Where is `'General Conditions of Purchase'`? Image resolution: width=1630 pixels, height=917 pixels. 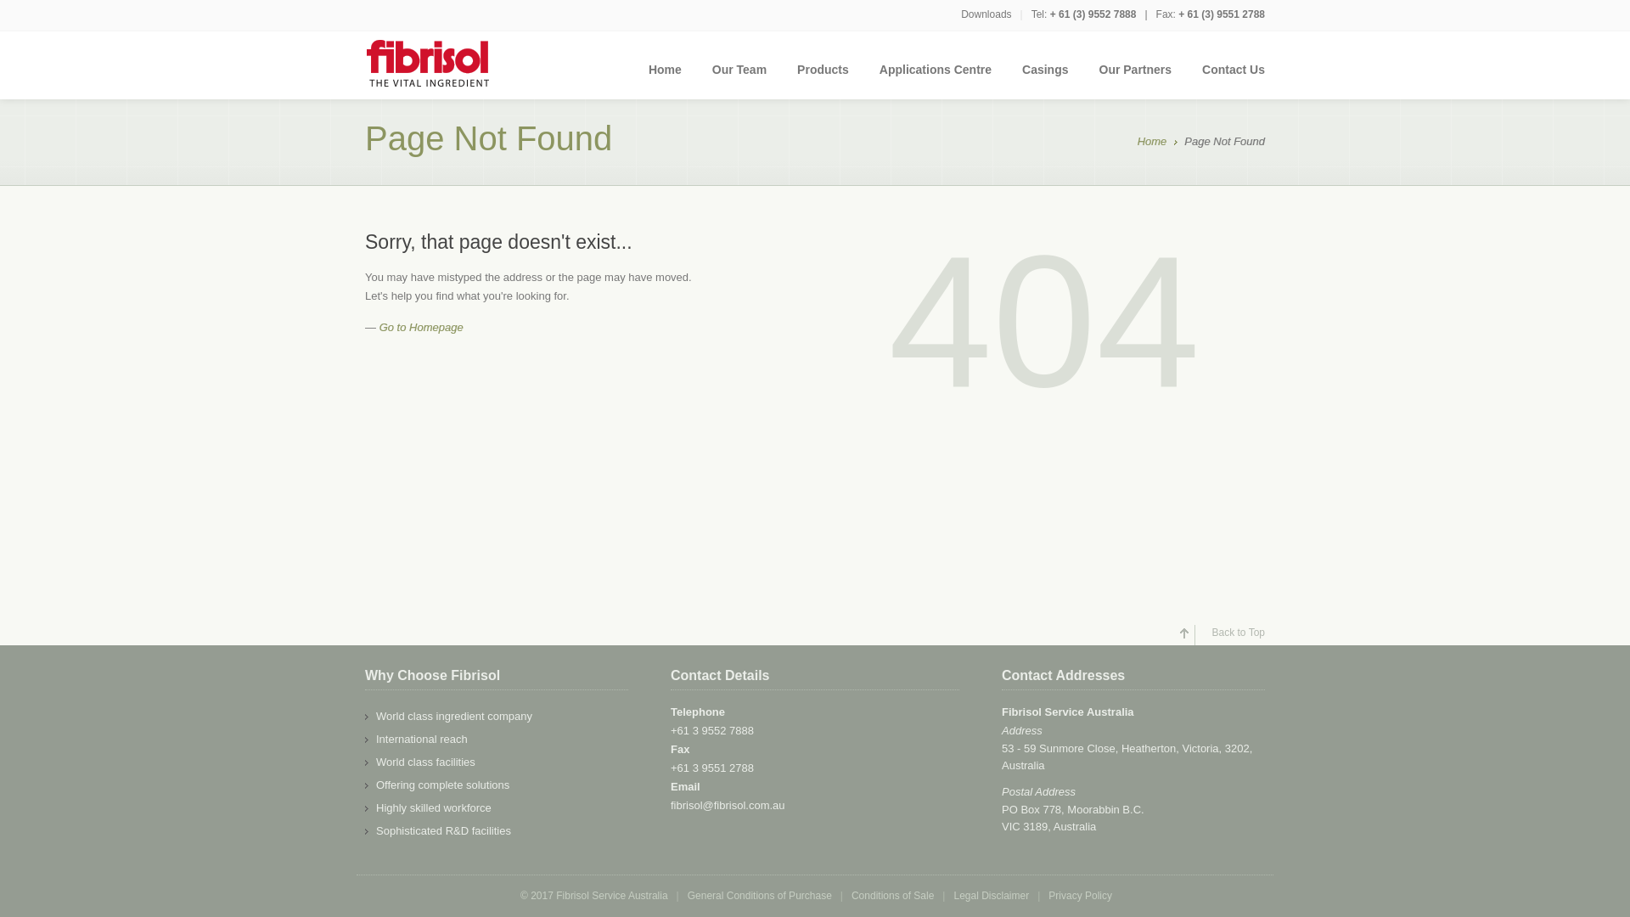 'General Conditions of Purchase' is located at coordinates (688, 895).